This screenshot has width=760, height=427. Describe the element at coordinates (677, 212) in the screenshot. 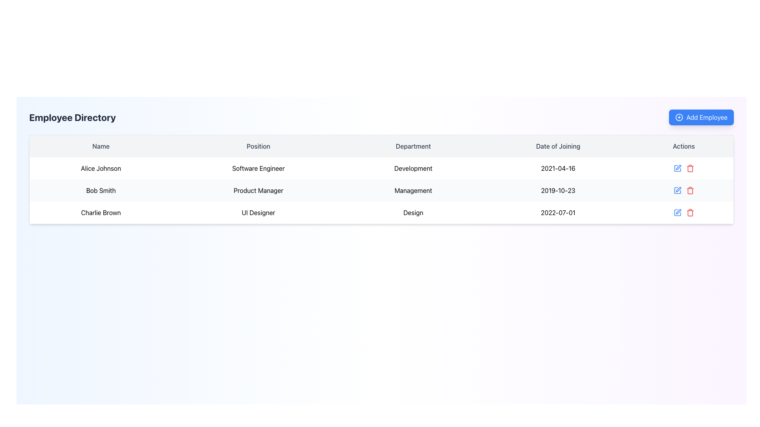

I see `the first icon in the 'Actions' column for the last row of the table to initiate editing of the 'Charlie Brown' employee record` at that location.